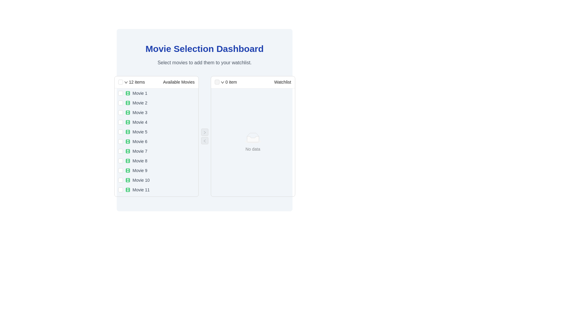 Image resolution: width=579 pixels, height=326 pixels. Describe the element at coordinates (140, 170) in the screenshot. I see `text of the label displaying 'Movie 9', which is the ninth entry in the vertical list labeled 'Available Movies'` at that location.